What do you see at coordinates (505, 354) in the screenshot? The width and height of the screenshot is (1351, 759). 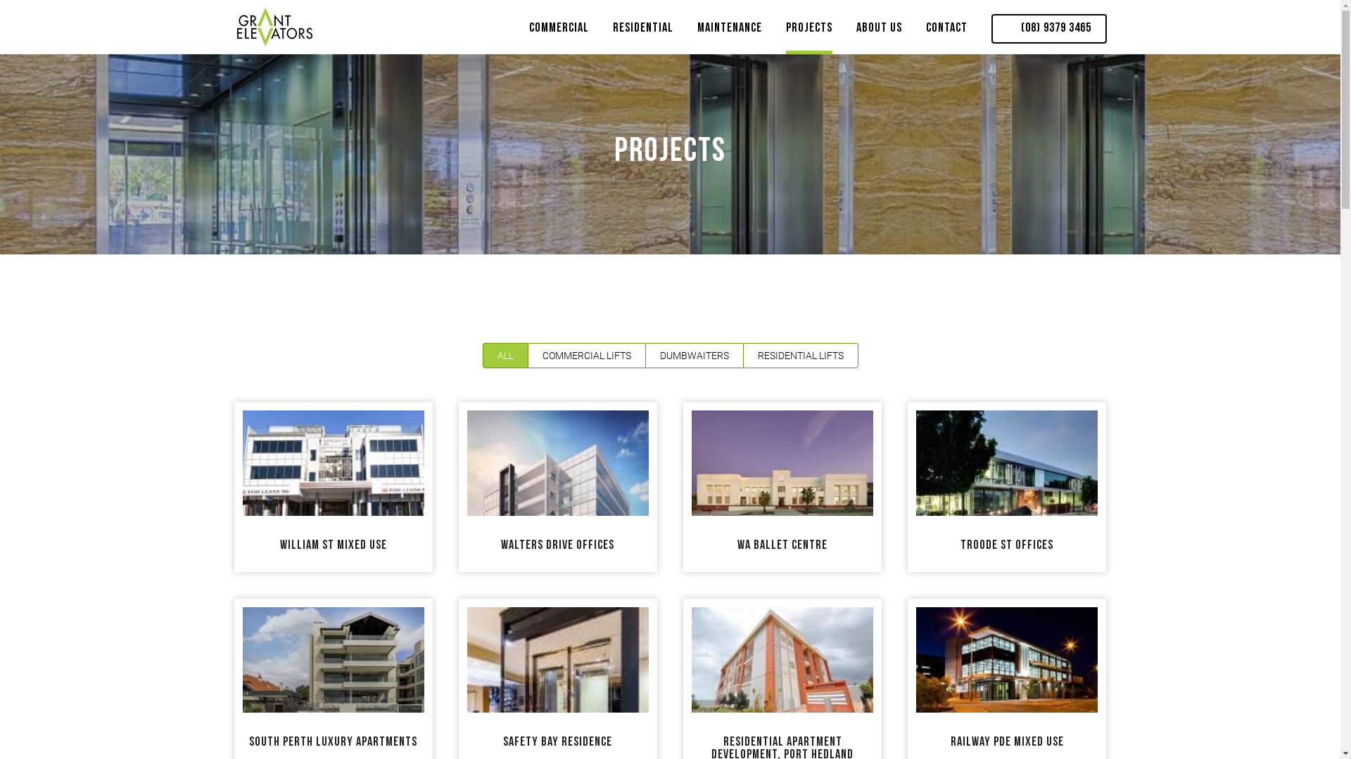 I see `'ALL'` at bounding box center [505, 354].